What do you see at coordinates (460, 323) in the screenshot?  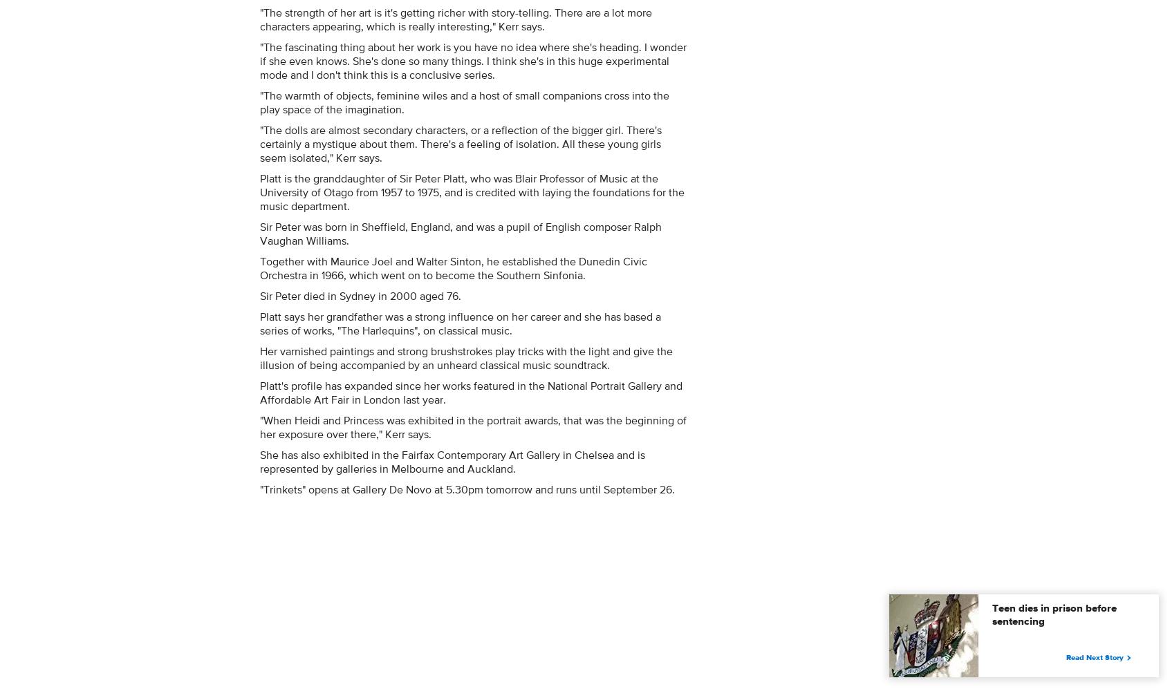 I see `'Platt says her grandfather was a strong influence on her career and she has based a series of works, "The Harlequins", on classical music.'` at bounding box center [460, 323].